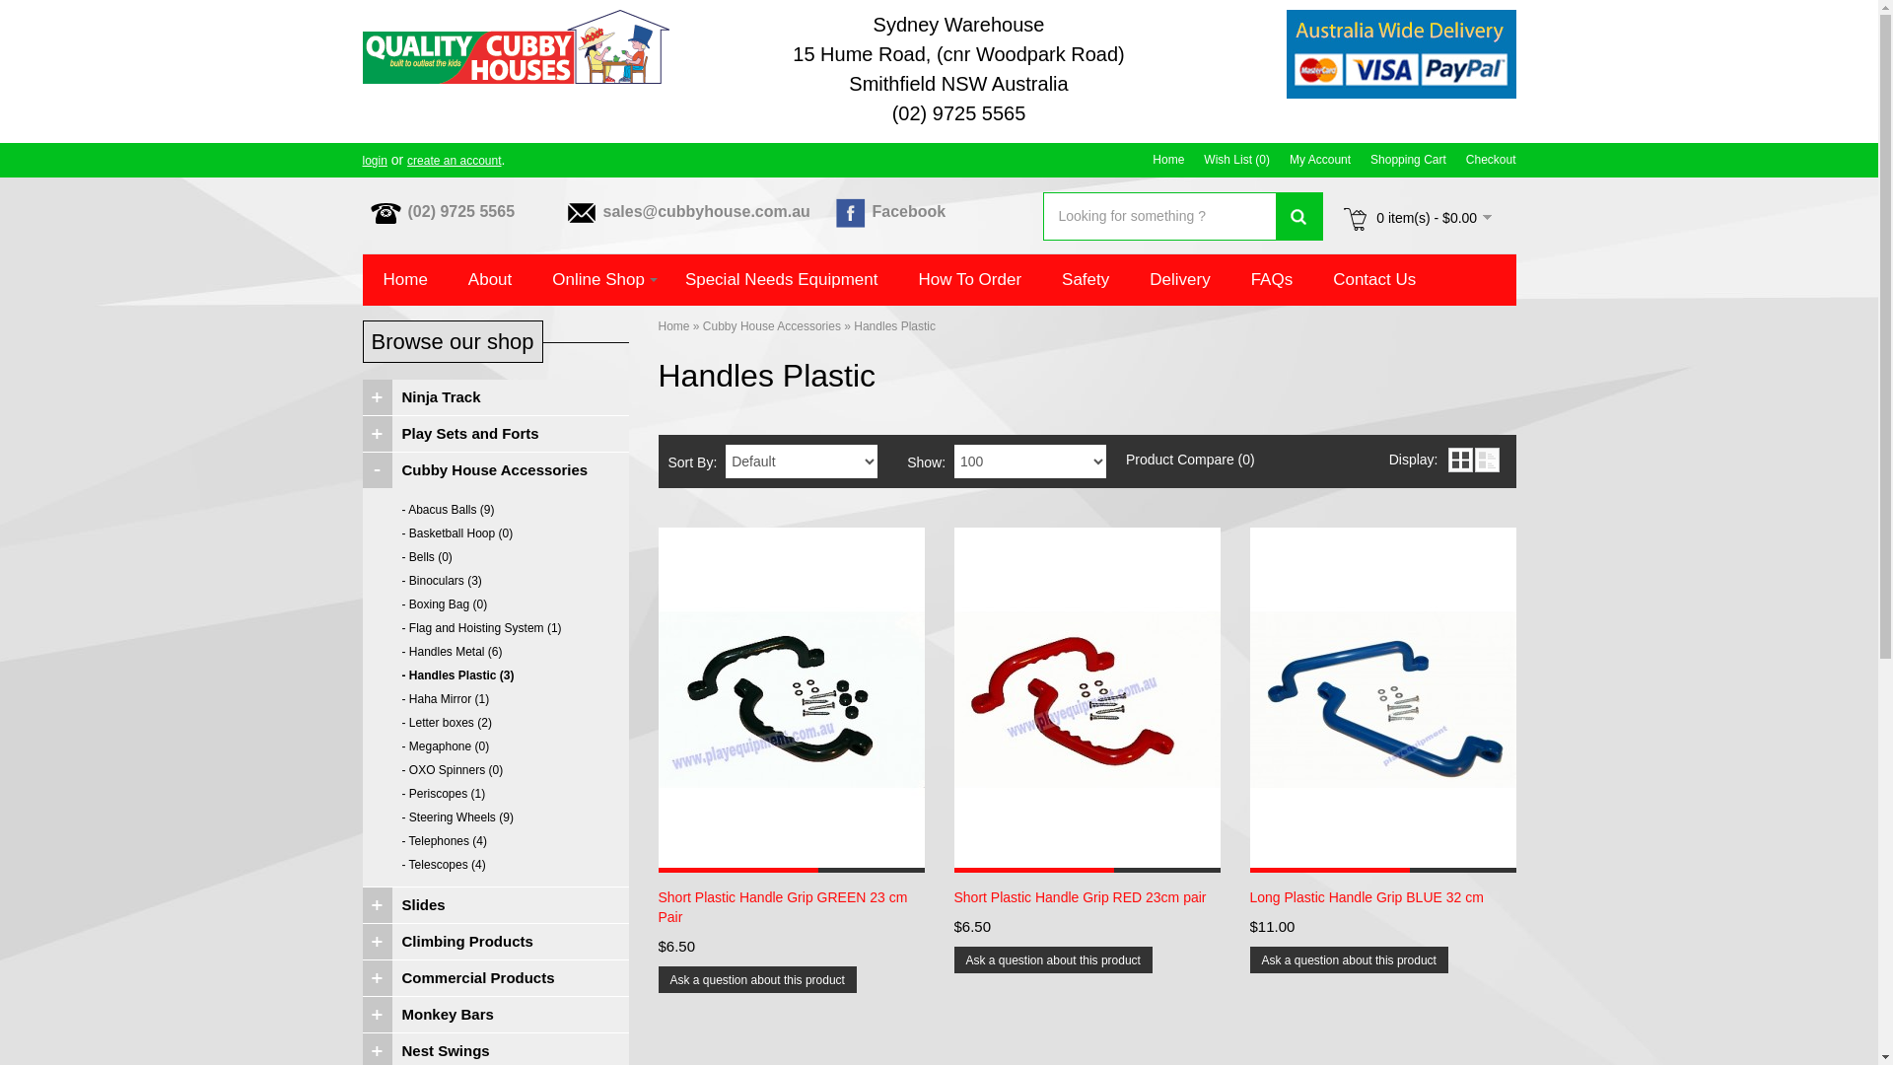 This screenshot has height=1065, width=1893. Describe the element at coordinates (363, 432) in the screenshot. I see `'Play Sets and Forts'` at that location.